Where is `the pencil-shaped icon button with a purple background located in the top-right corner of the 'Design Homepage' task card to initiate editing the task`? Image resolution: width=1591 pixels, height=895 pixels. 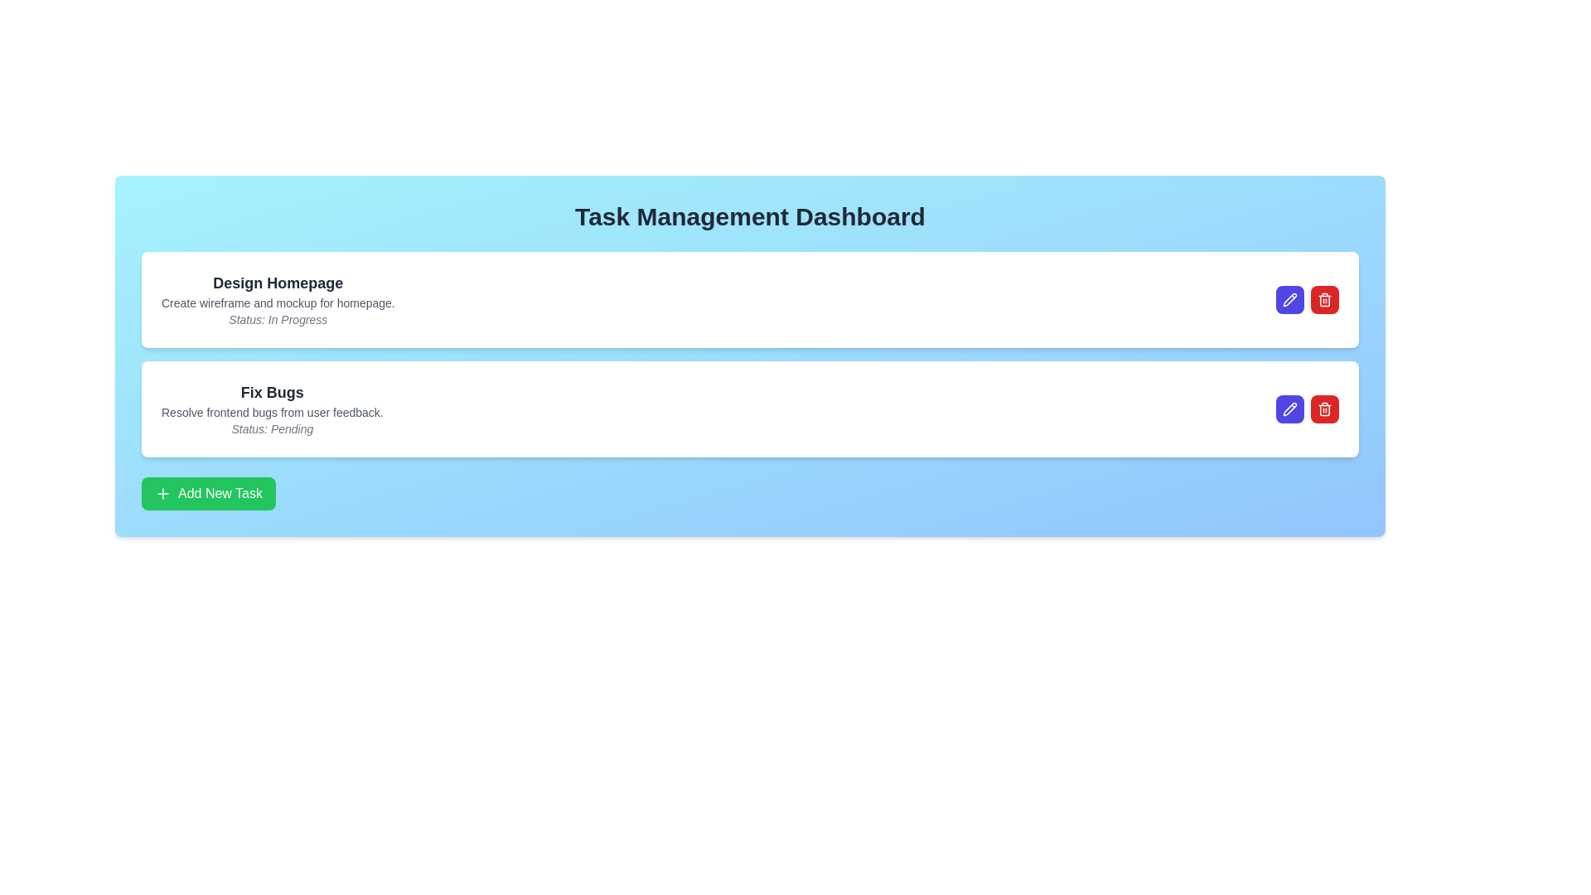
the pencil-shaped icon button with a purple background located in the top-right corner of the 'Design Homepage' task card to initiate editing the task is located at coordinates (1289, 300).